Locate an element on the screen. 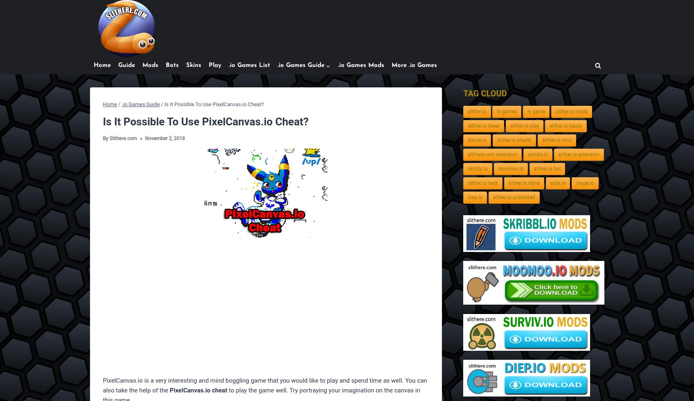 The height and width of the screenshot is (401, 694). 'splix.io' is located at coordinates (557, 183).